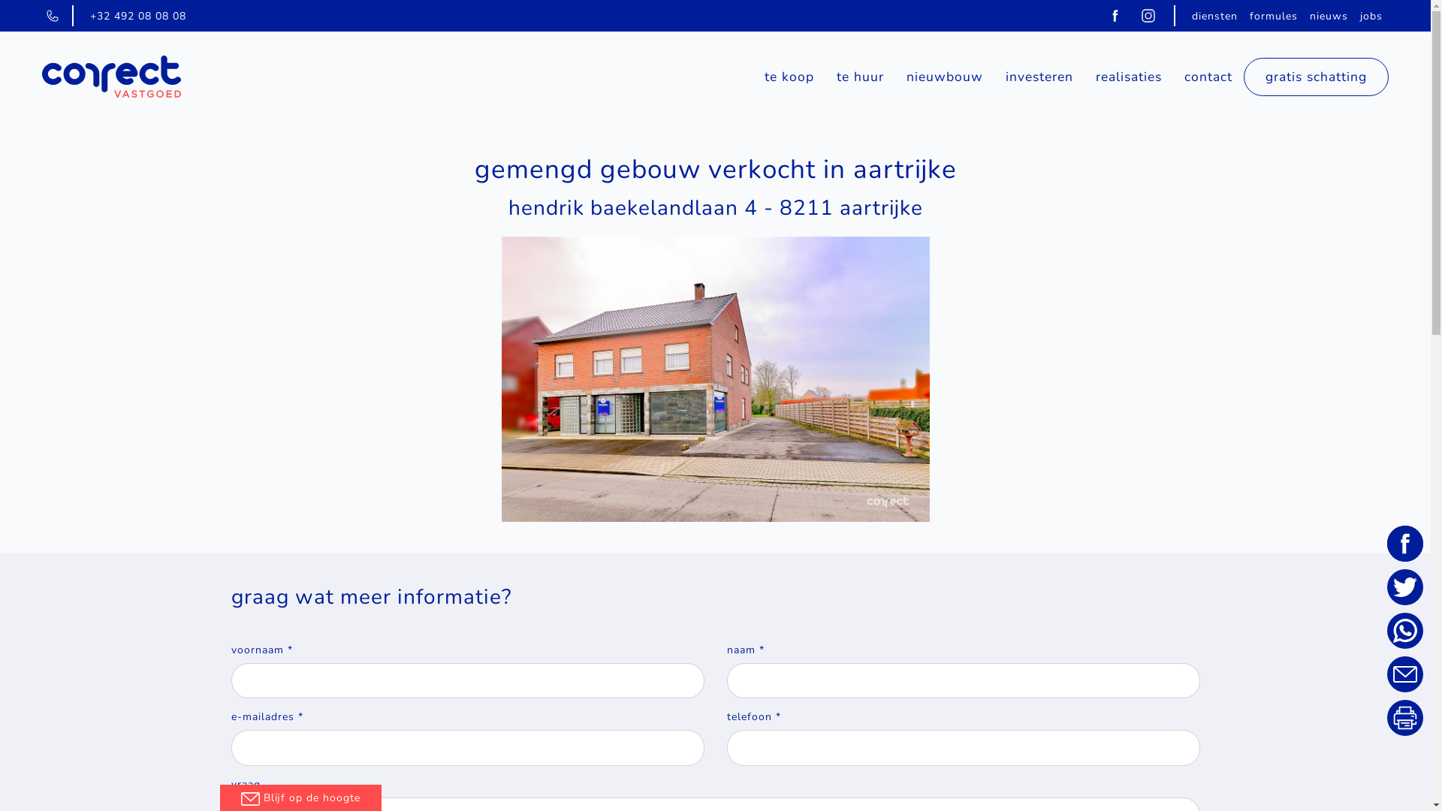 This screenshot has width=1442, height=811. I want to click on 'contact', so click(1208, 76).